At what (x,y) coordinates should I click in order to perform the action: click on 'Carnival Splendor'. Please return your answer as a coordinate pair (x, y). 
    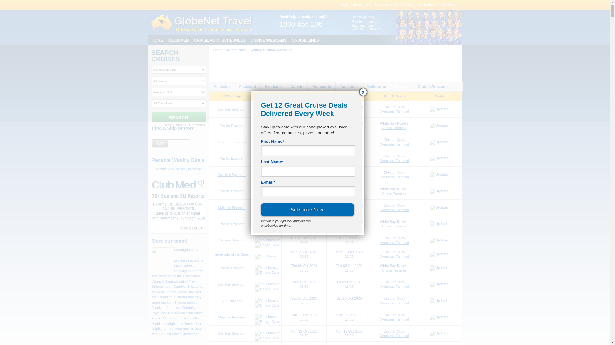
    Looking at the image, I should click on (231, 284).